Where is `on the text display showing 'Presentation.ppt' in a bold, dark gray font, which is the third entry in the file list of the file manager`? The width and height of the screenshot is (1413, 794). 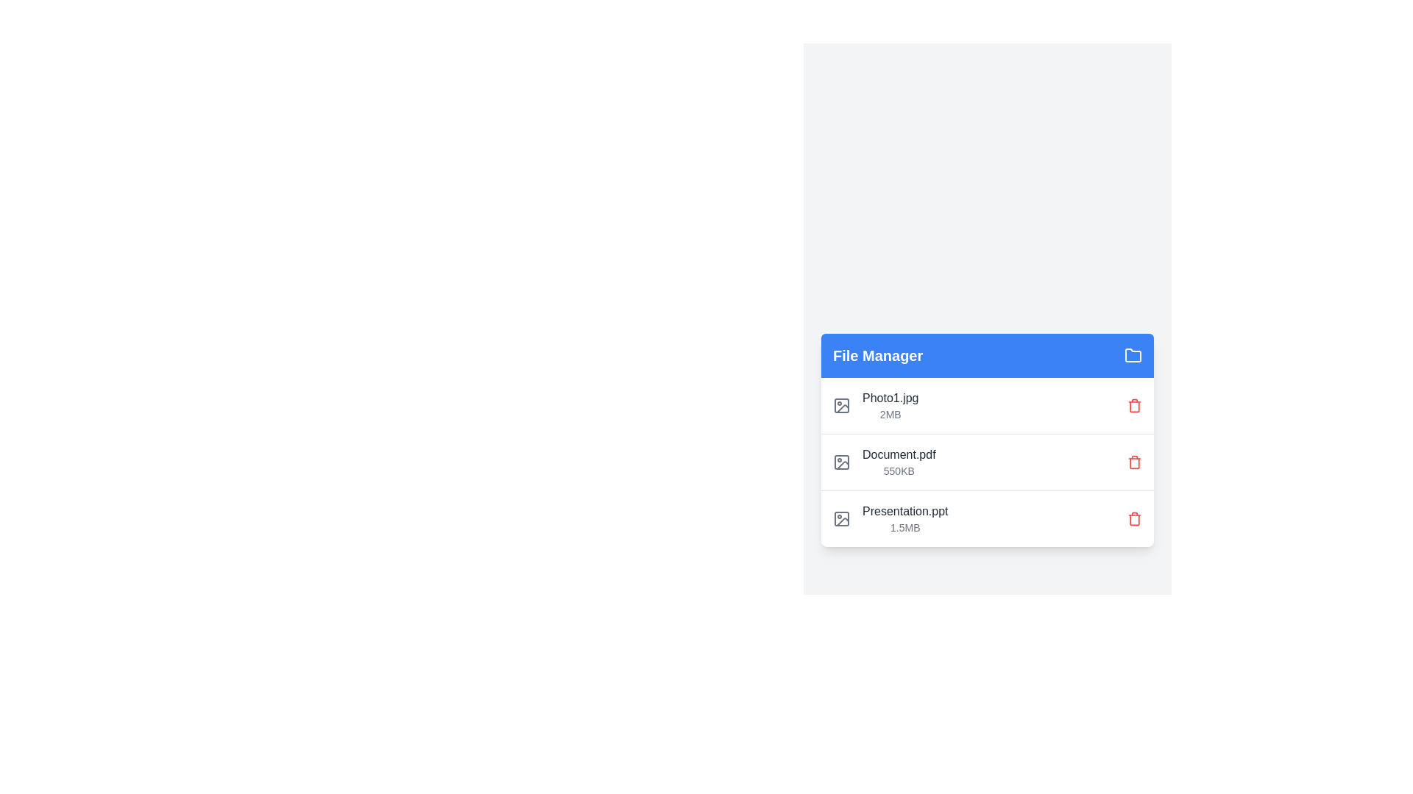
on the text display showing 'Presentation.ppt' in a bold, dark gray font, which is the third entry in the file list of the file manager is located at coordinates (904, 518).